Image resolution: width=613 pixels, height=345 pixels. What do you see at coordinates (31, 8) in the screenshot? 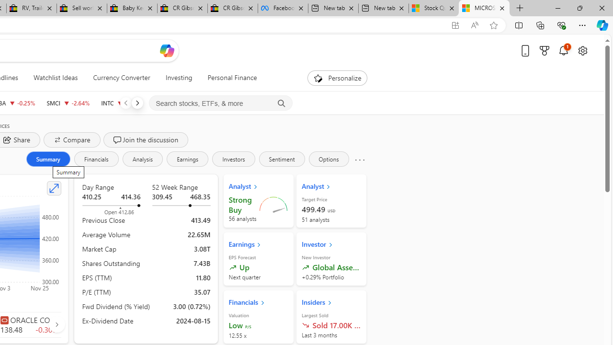
I see `'RV, Trailer & Camper Steps & Ladders for sale | eBay'` at bounding box center [31, 8].